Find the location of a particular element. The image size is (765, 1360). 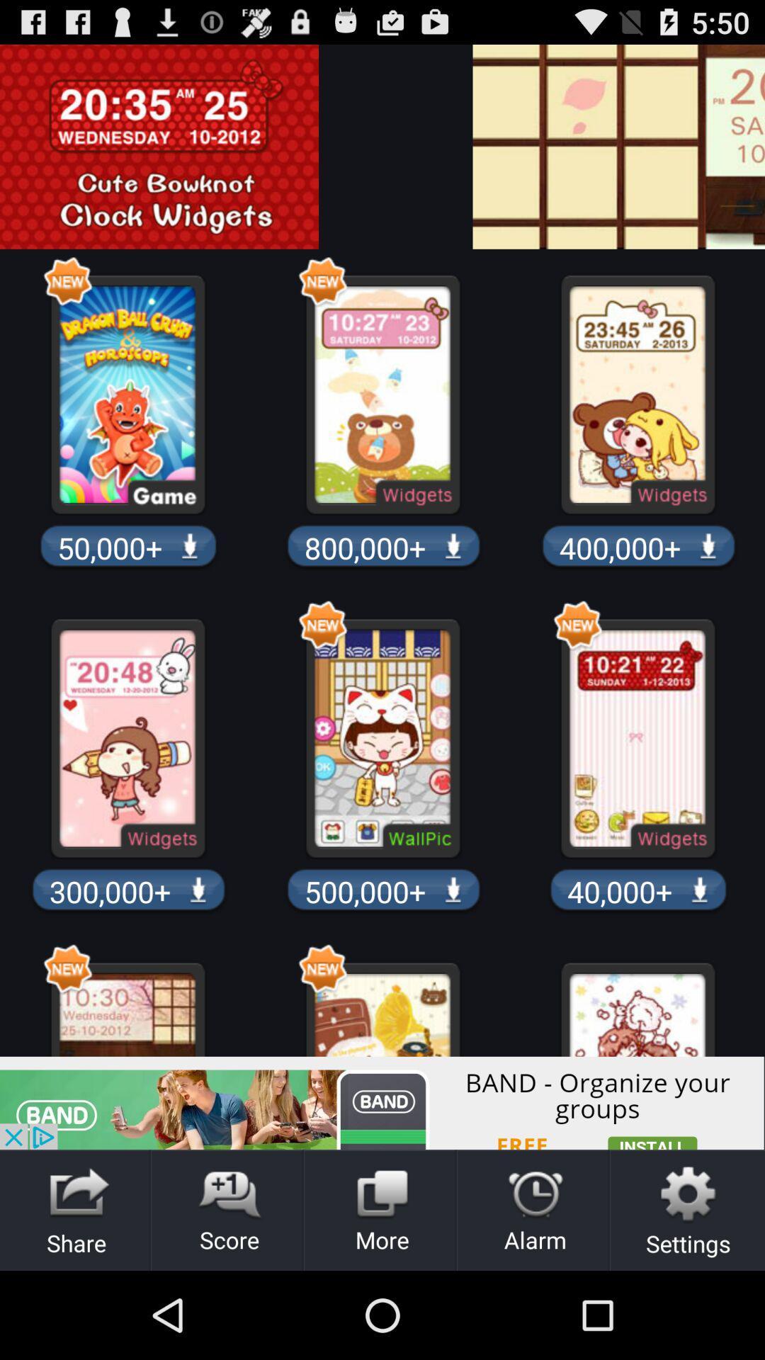

advertisement is located at coordinates (382, 1102).